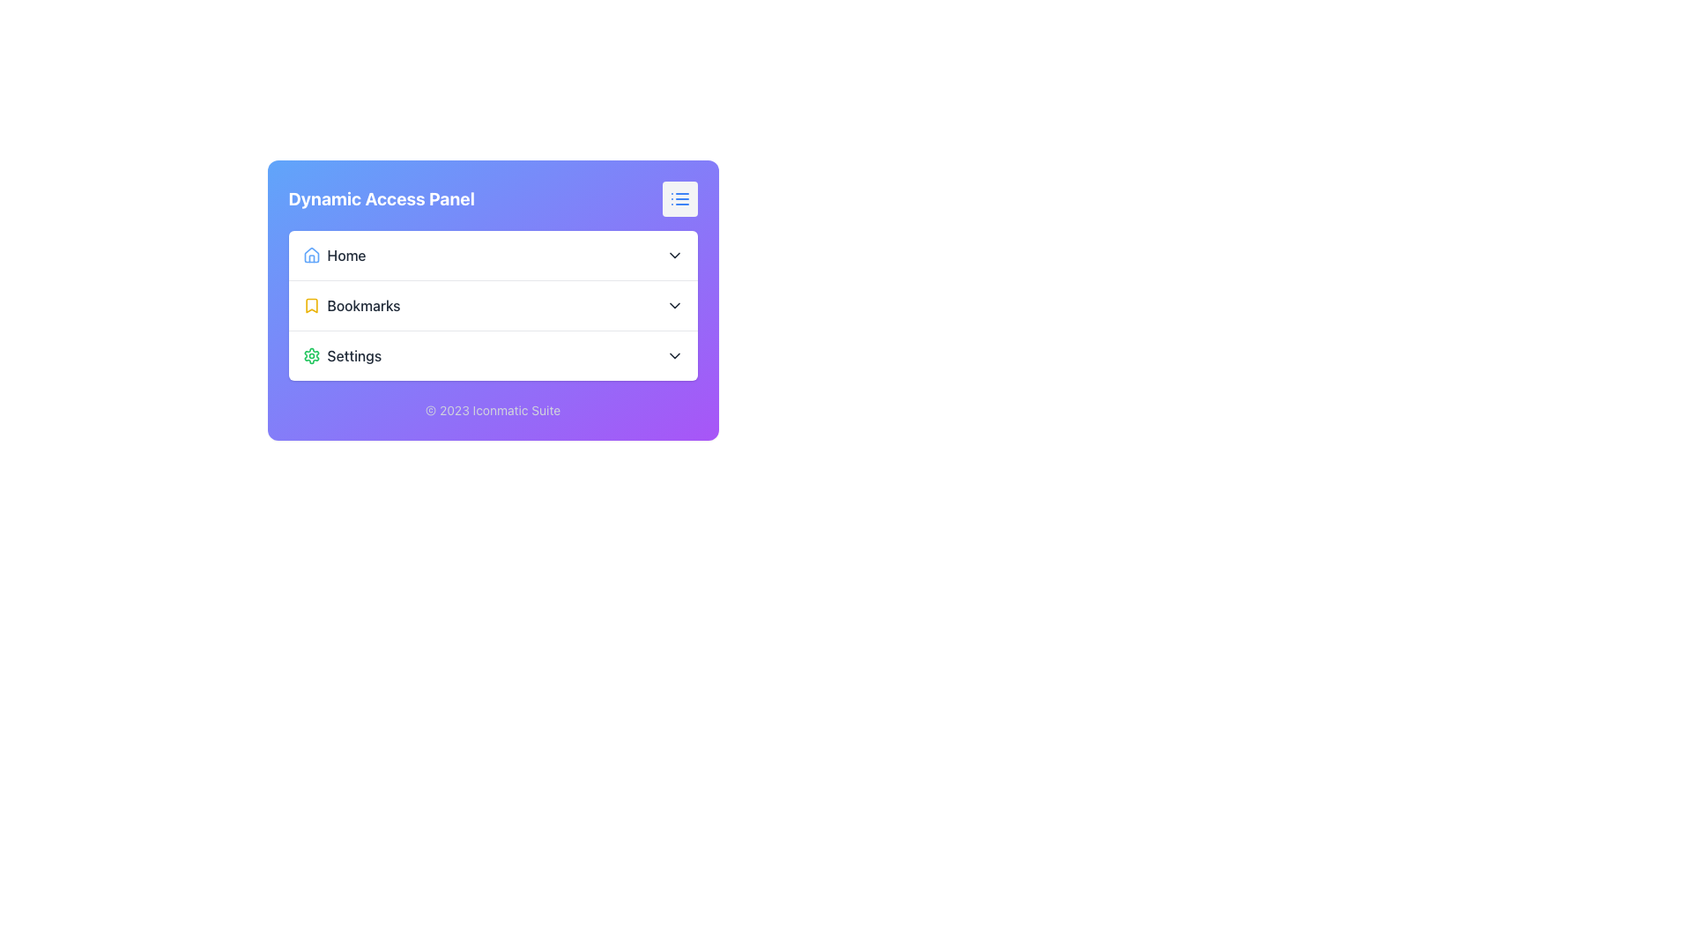 The height and width of the screenshot is (952, 1692). Describe the element at coordinates (493, 305) in the screenshot. I see `the Dropdown toggle in the Dynamic Access Panel` at that location.